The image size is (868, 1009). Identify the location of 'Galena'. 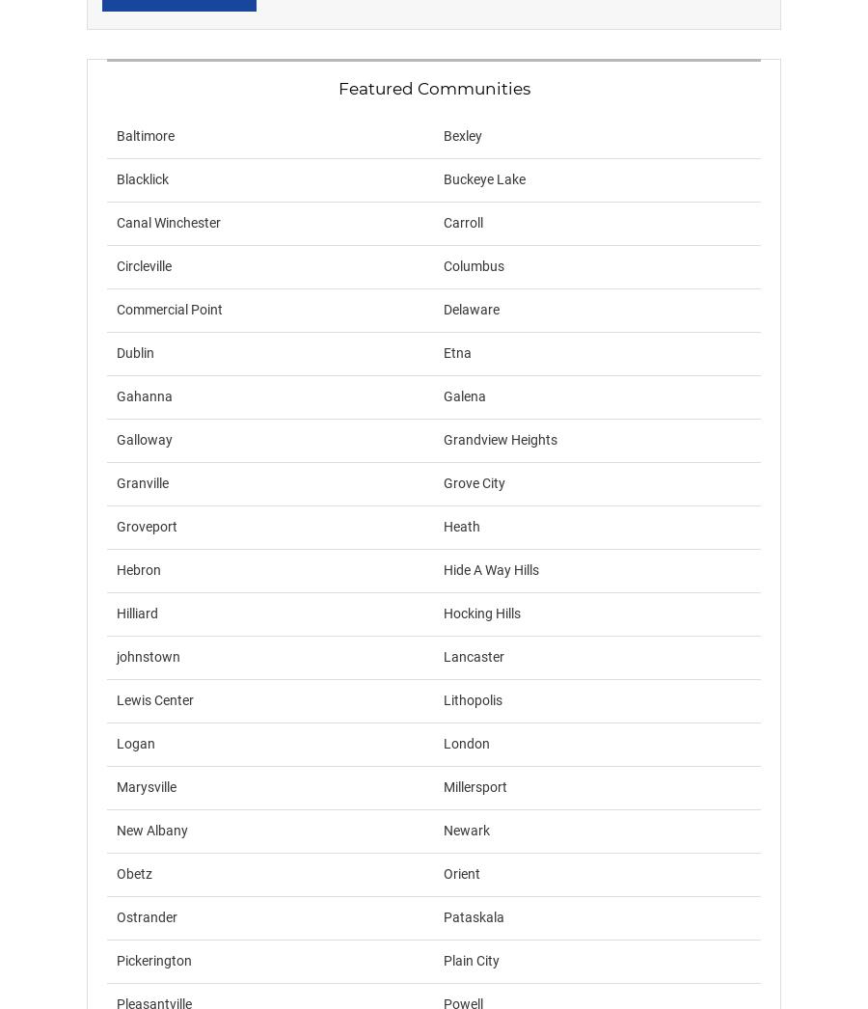
(464, 395).